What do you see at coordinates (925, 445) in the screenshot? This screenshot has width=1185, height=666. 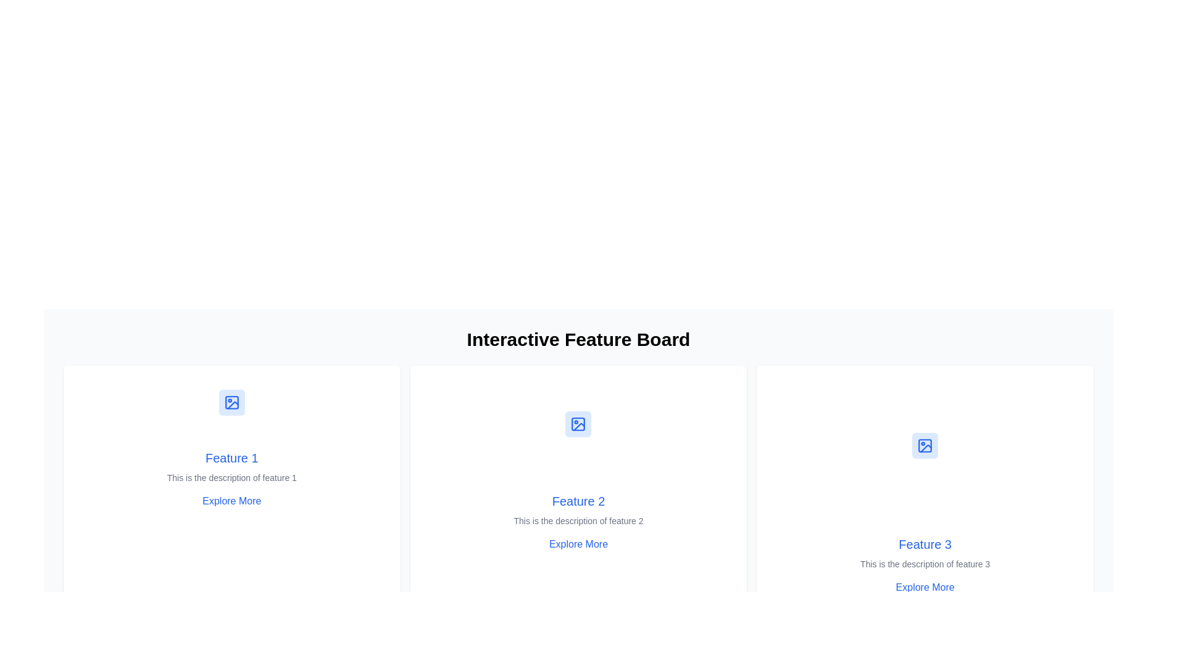 I see `the Placeholder Icon located in the third feature card under 'Interactive Feature Board', positioned above the 'Feature 3' title` at bounding box center [925, 445].